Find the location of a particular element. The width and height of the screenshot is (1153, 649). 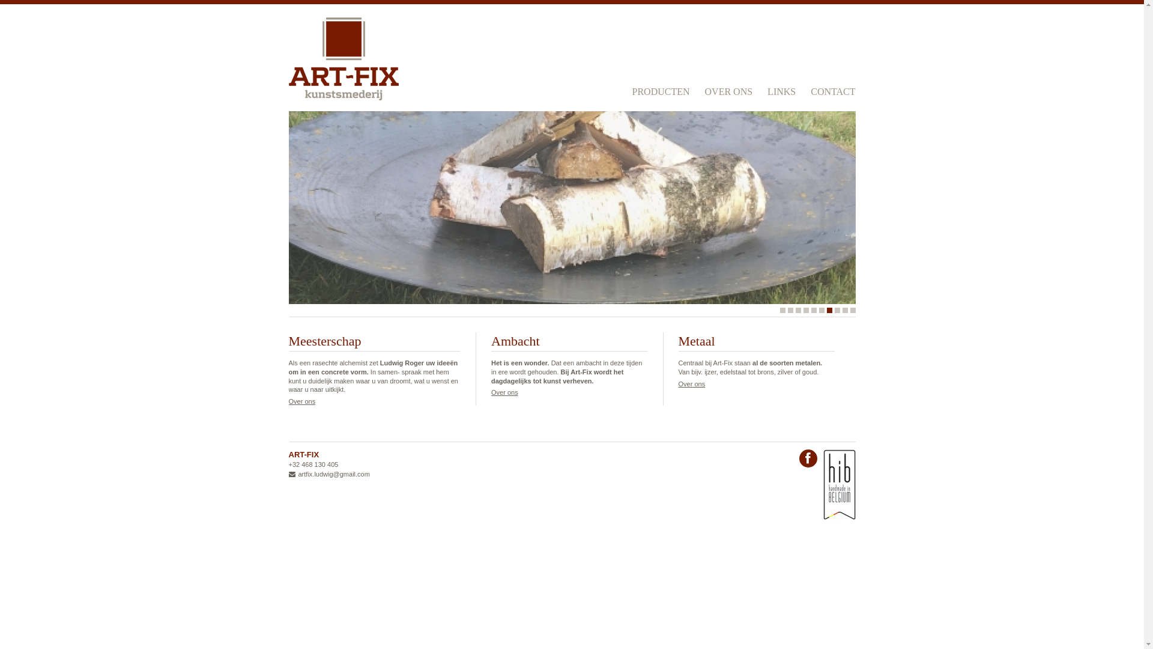

'Art-fix' is located at coordinates (342, 58).